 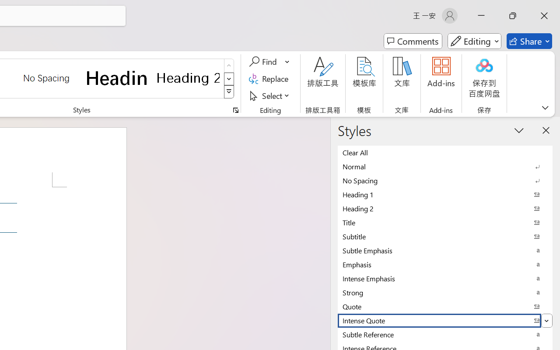 What do you see at coordinates (445, 306) in the screenshot?
I see `'Quote'` at bounding box center [445, 306].